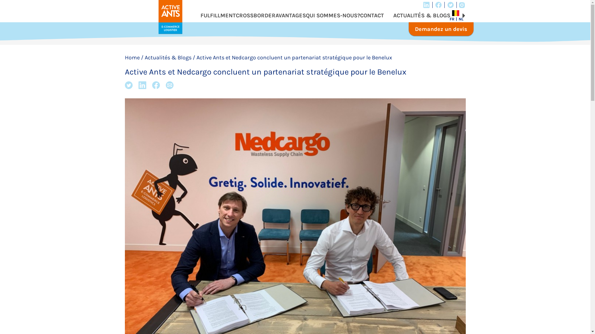  Describe the element at coordinates (454, 19) in the screenshot. I see `'FR'` at that location.